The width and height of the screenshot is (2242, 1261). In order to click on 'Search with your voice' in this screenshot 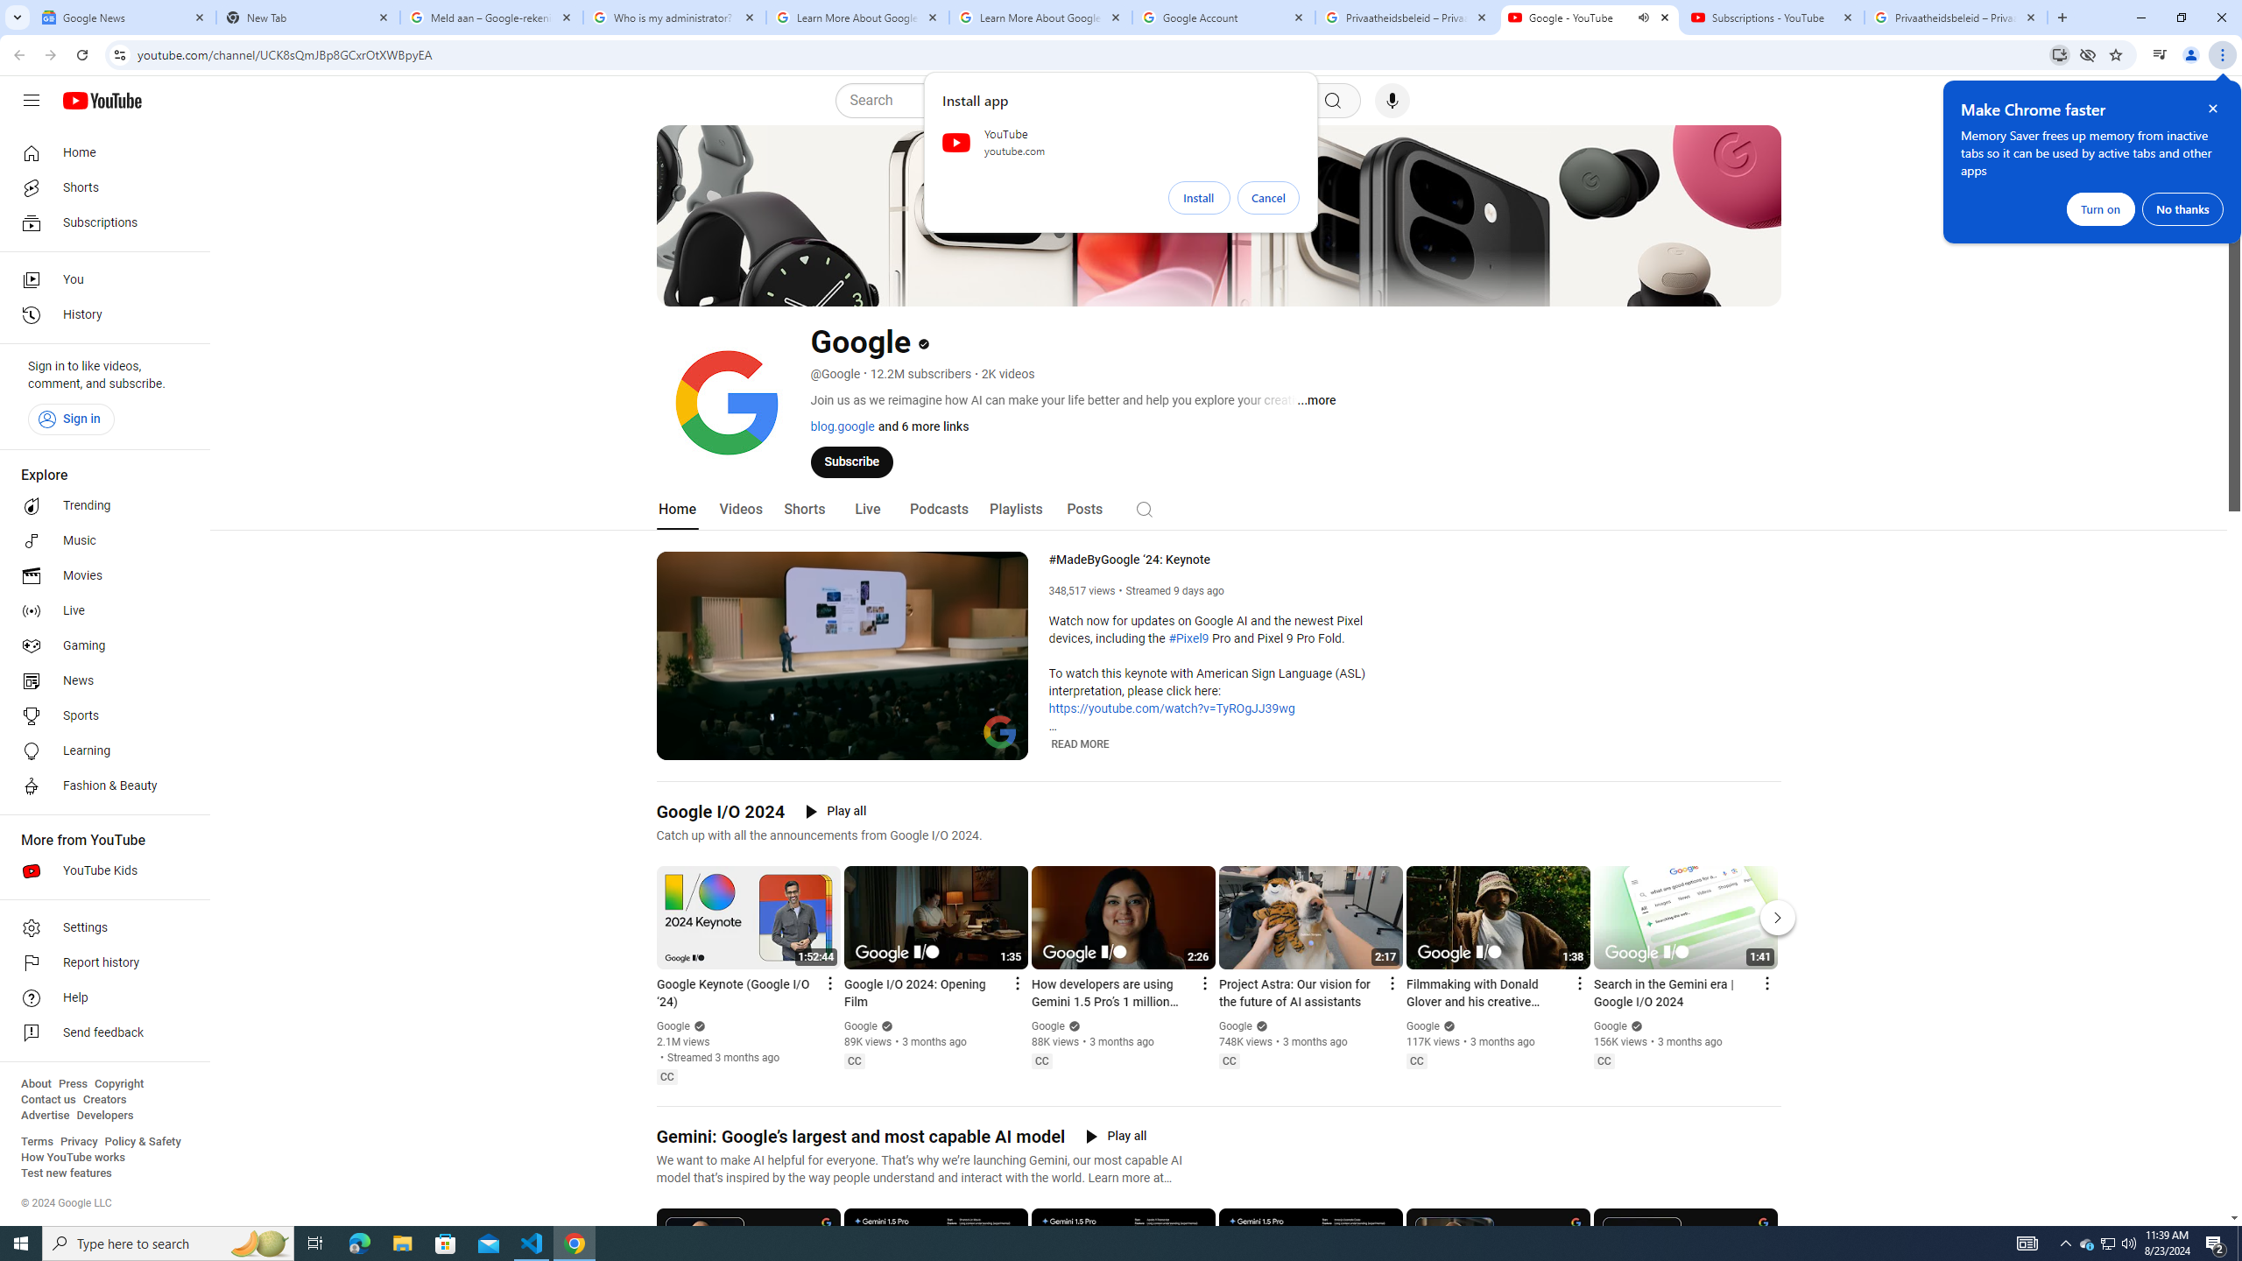, I will do `click(1392, 100)`.